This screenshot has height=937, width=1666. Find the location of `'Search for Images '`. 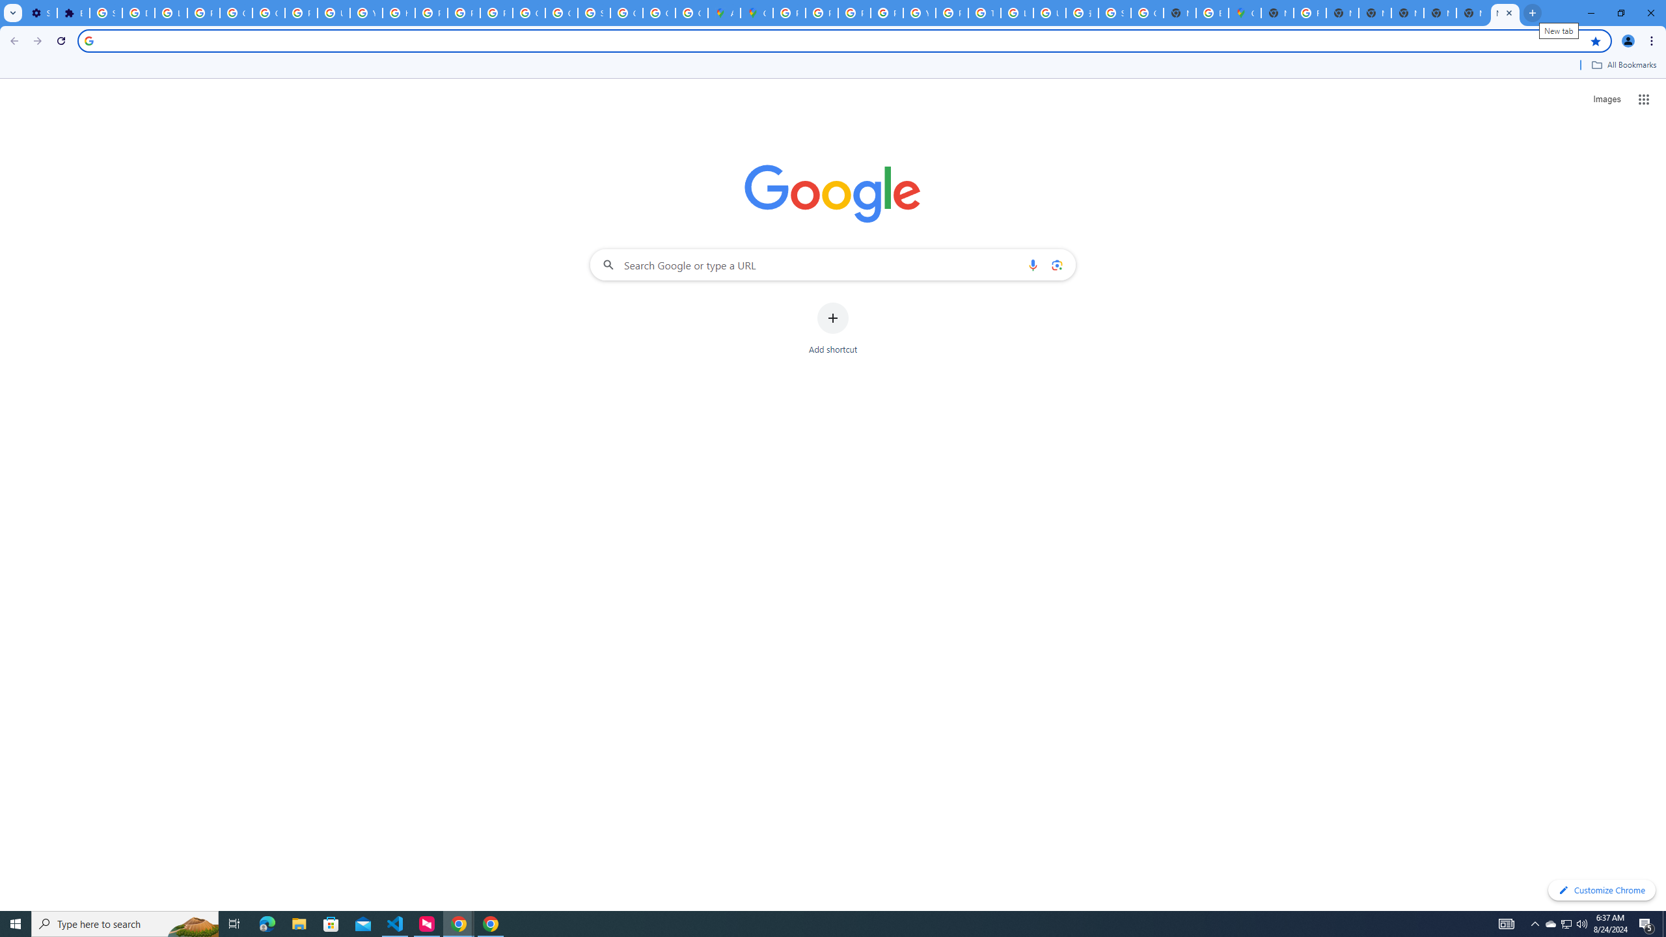

'Search for Images ' is located at coordinates (1607, 100).